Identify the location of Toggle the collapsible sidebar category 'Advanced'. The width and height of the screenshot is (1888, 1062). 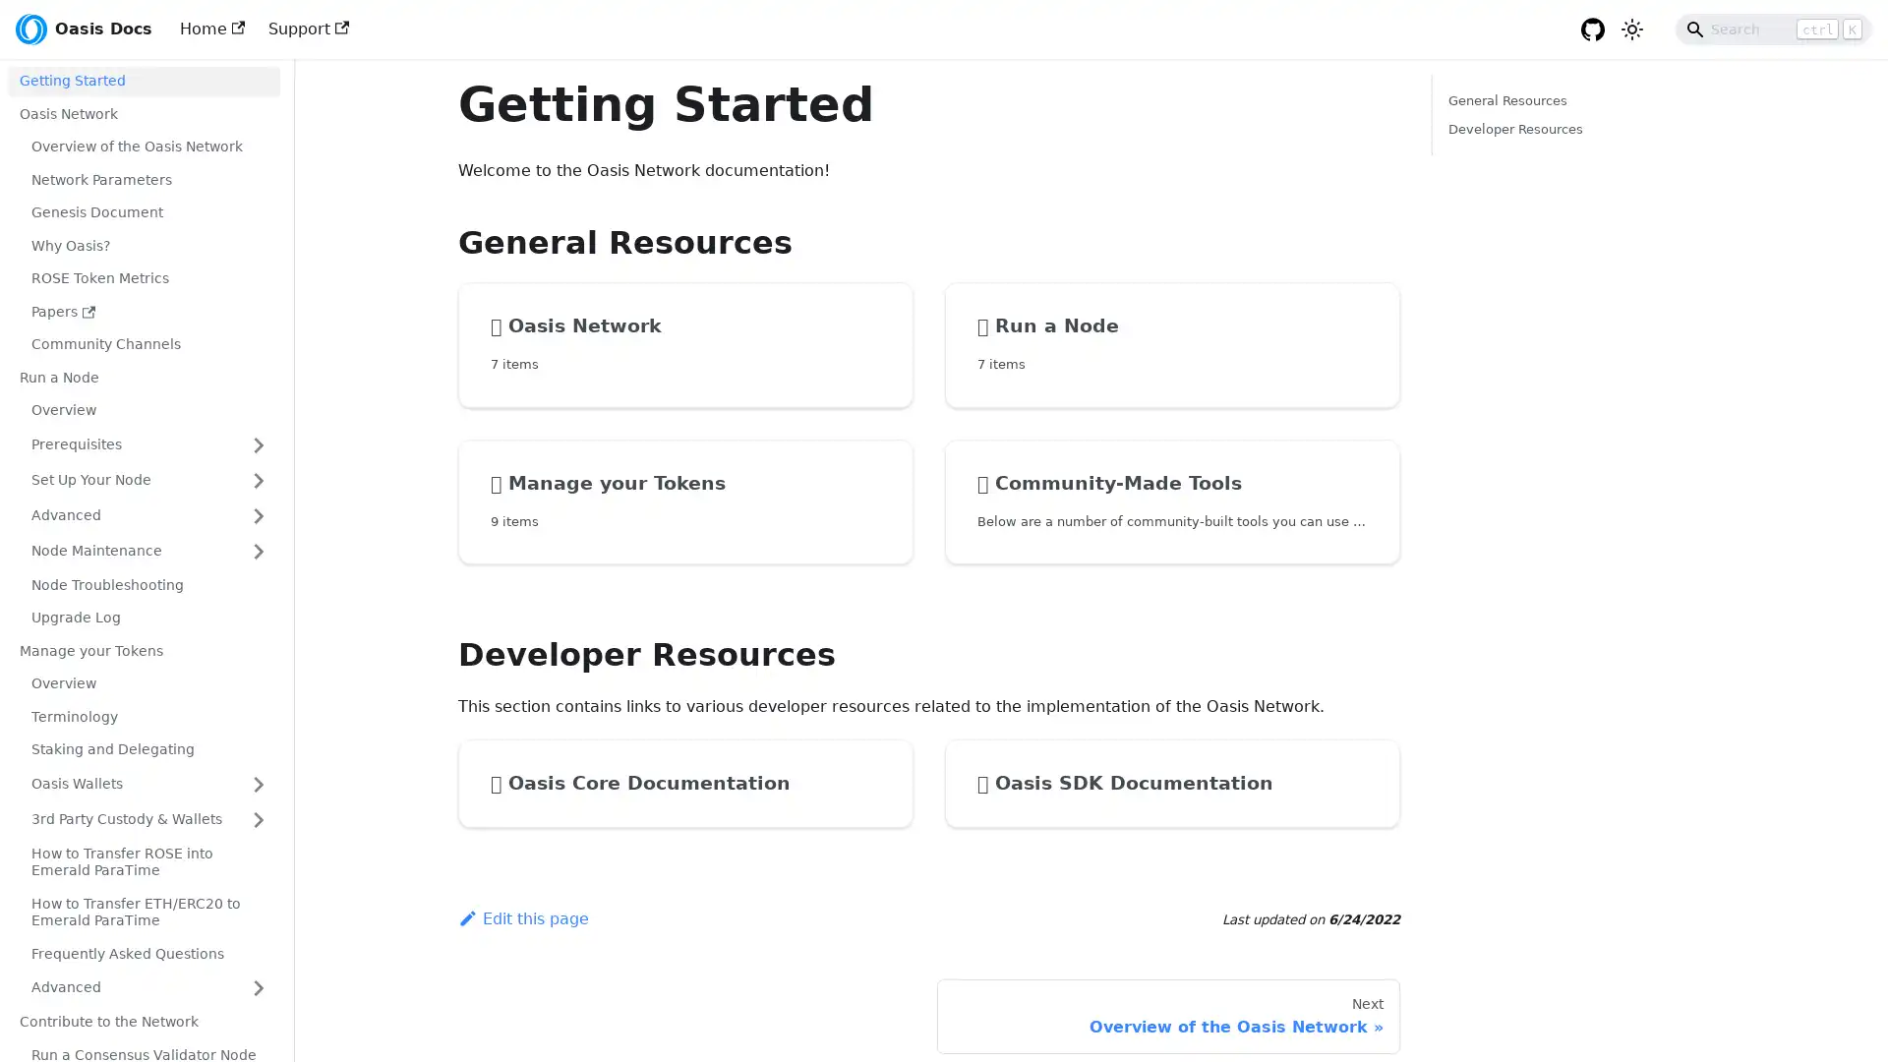
(258, 514).